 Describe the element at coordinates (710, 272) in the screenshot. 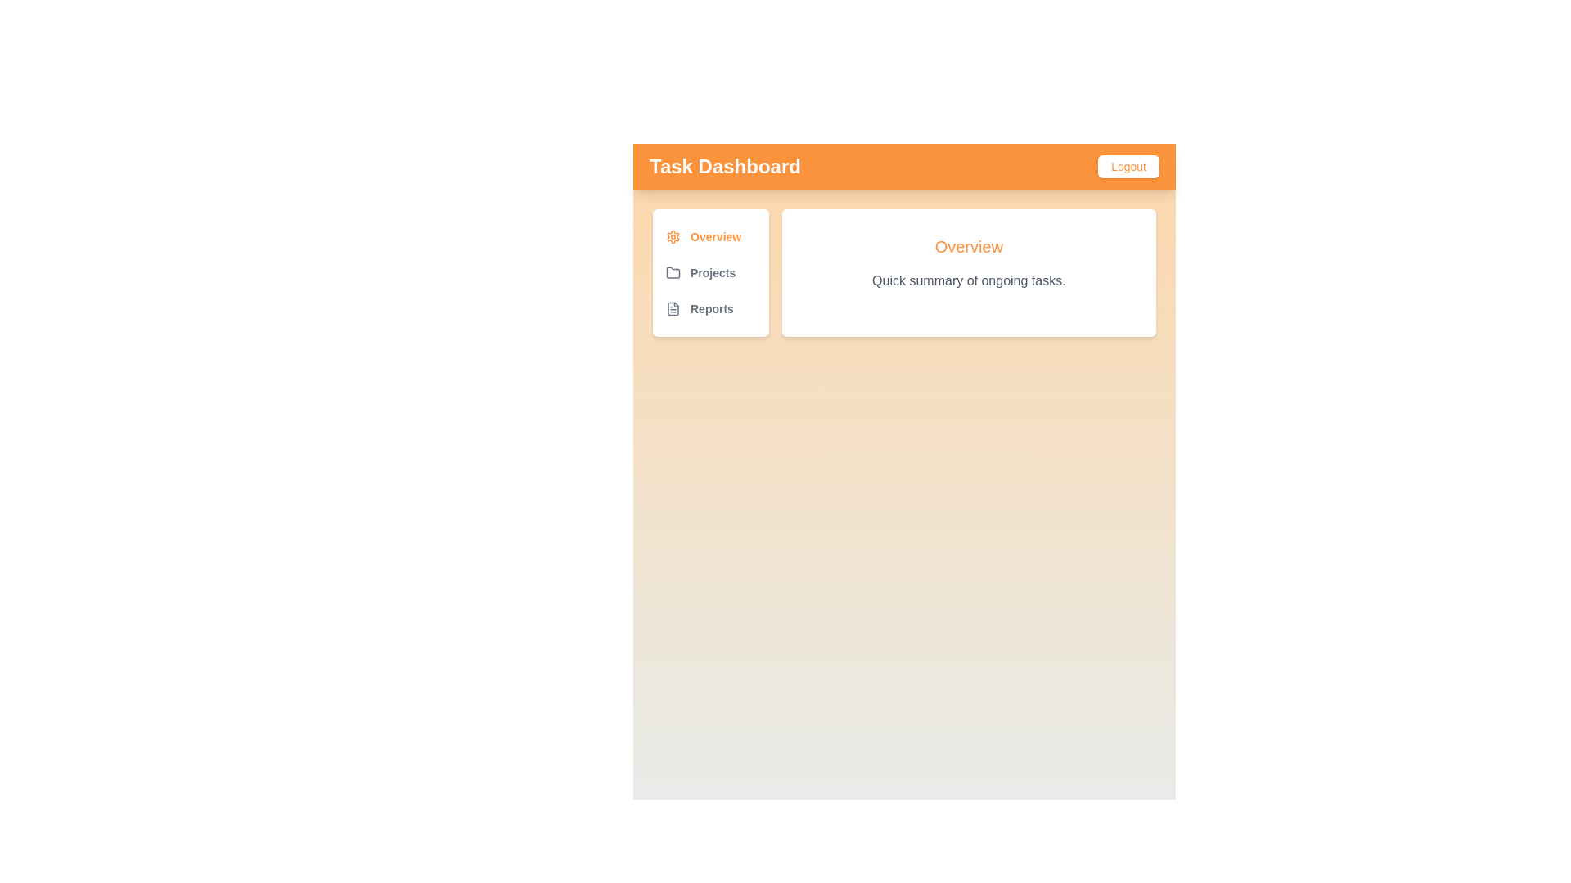

I see `the 'Projects' navigation link located in the vertical menu under 'Task Dashboard'` at that location.